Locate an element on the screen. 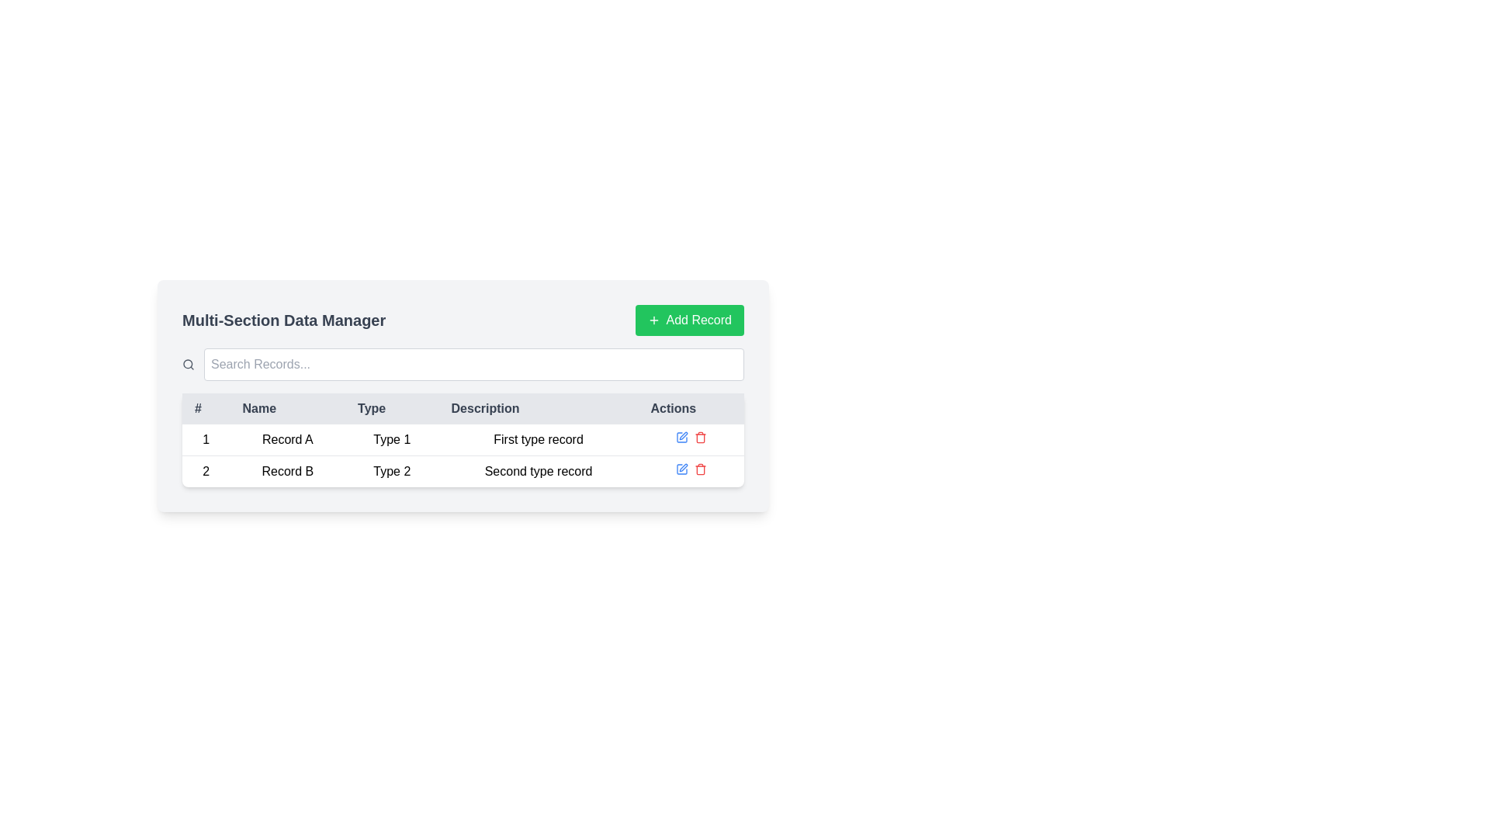 This screenshot has height=838, width=1490. the icon located within the 'Add Record' button is located at coordinates (653, 319).